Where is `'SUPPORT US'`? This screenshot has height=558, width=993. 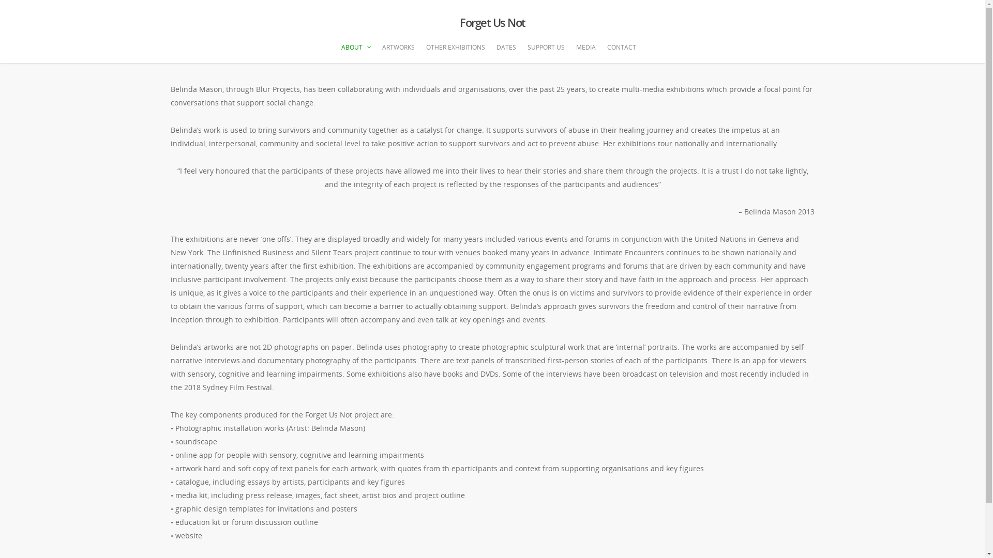
'SUPPORT US' is located at coordinates (546, 52).